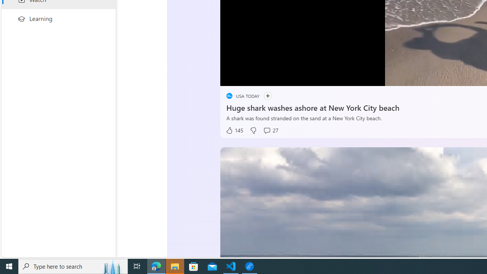  I want to click on 'placeholder USA TODAY', so click(242, 96).